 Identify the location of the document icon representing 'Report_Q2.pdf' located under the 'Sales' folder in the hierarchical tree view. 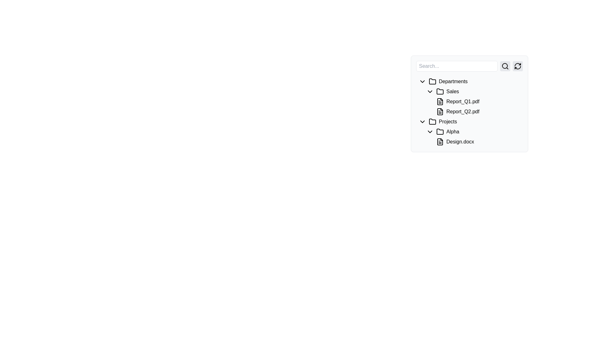
(439, 111).